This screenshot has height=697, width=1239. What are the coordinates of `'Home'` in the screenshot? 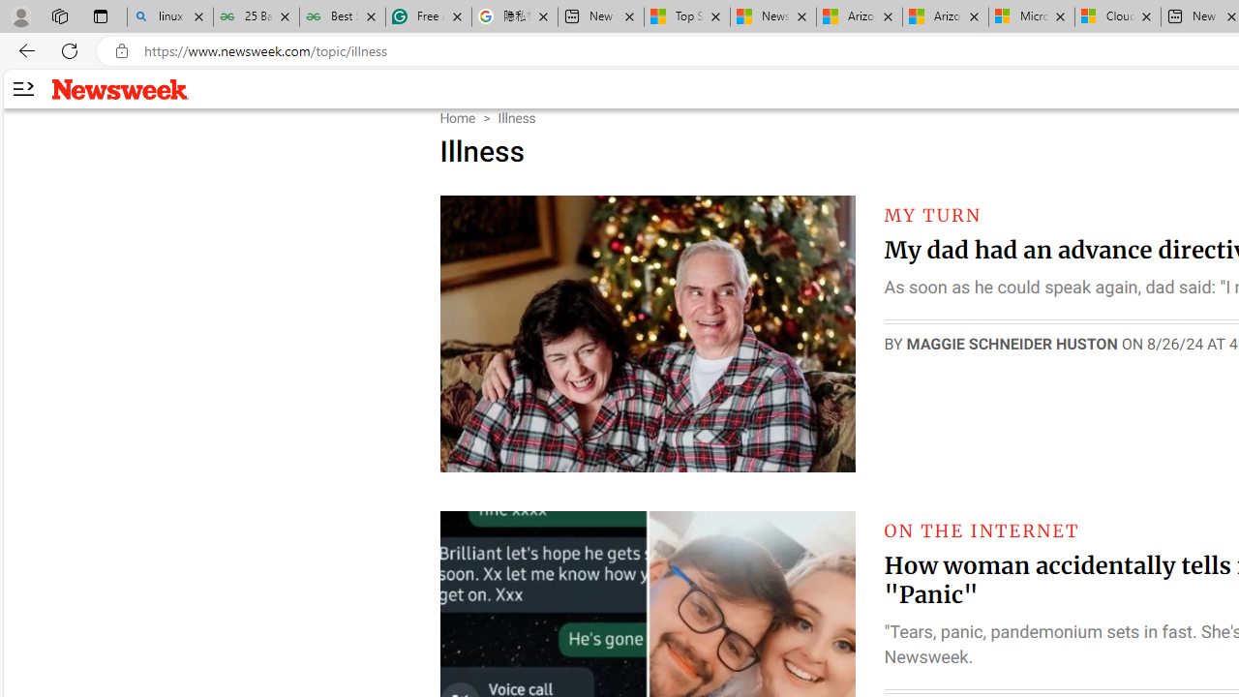 It's located at (456, 118).